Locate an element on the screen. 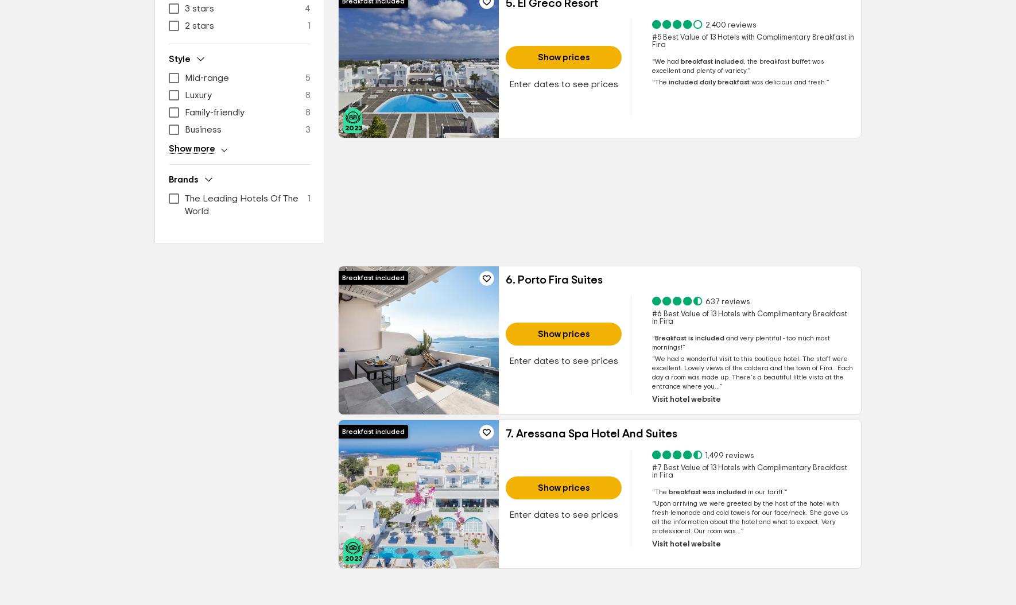 This screenshot has width=1016, height=605. 'Business' is located at coordinates (203, 129).